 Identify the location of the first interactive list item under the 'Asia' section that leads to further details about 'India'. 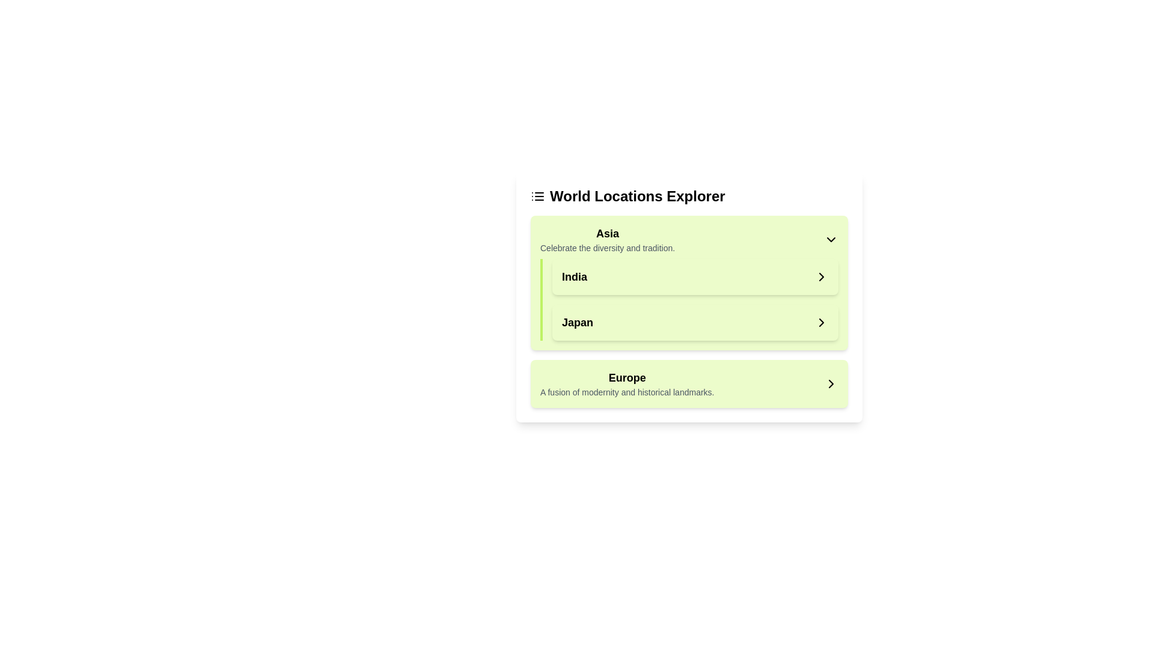
(695, 277).